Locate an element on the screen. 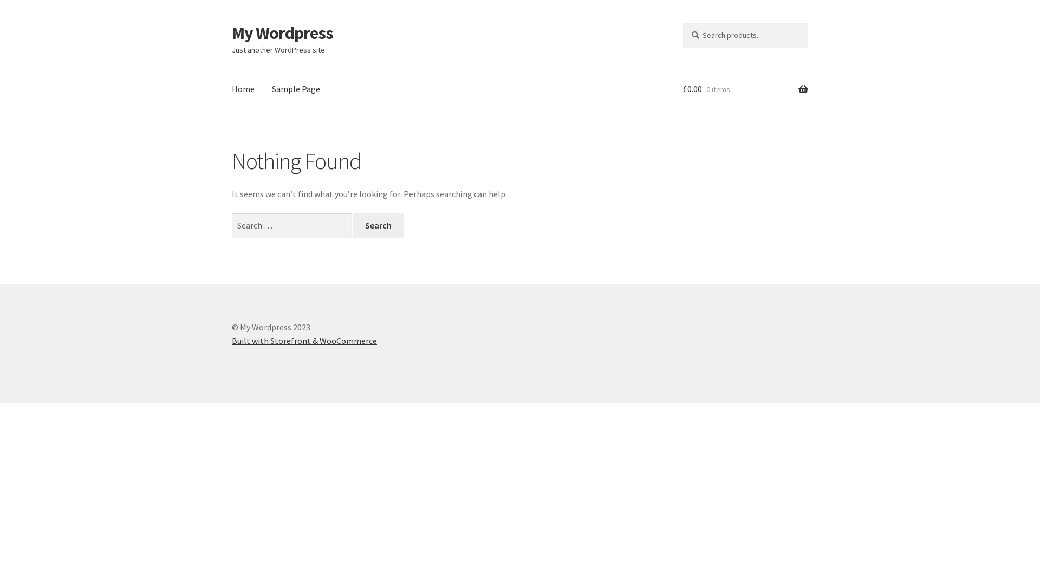 The width and height of the screenshot is (1040, 585). 'Built with Storefront & WooCommerce' is located at coordinates (303, 340).